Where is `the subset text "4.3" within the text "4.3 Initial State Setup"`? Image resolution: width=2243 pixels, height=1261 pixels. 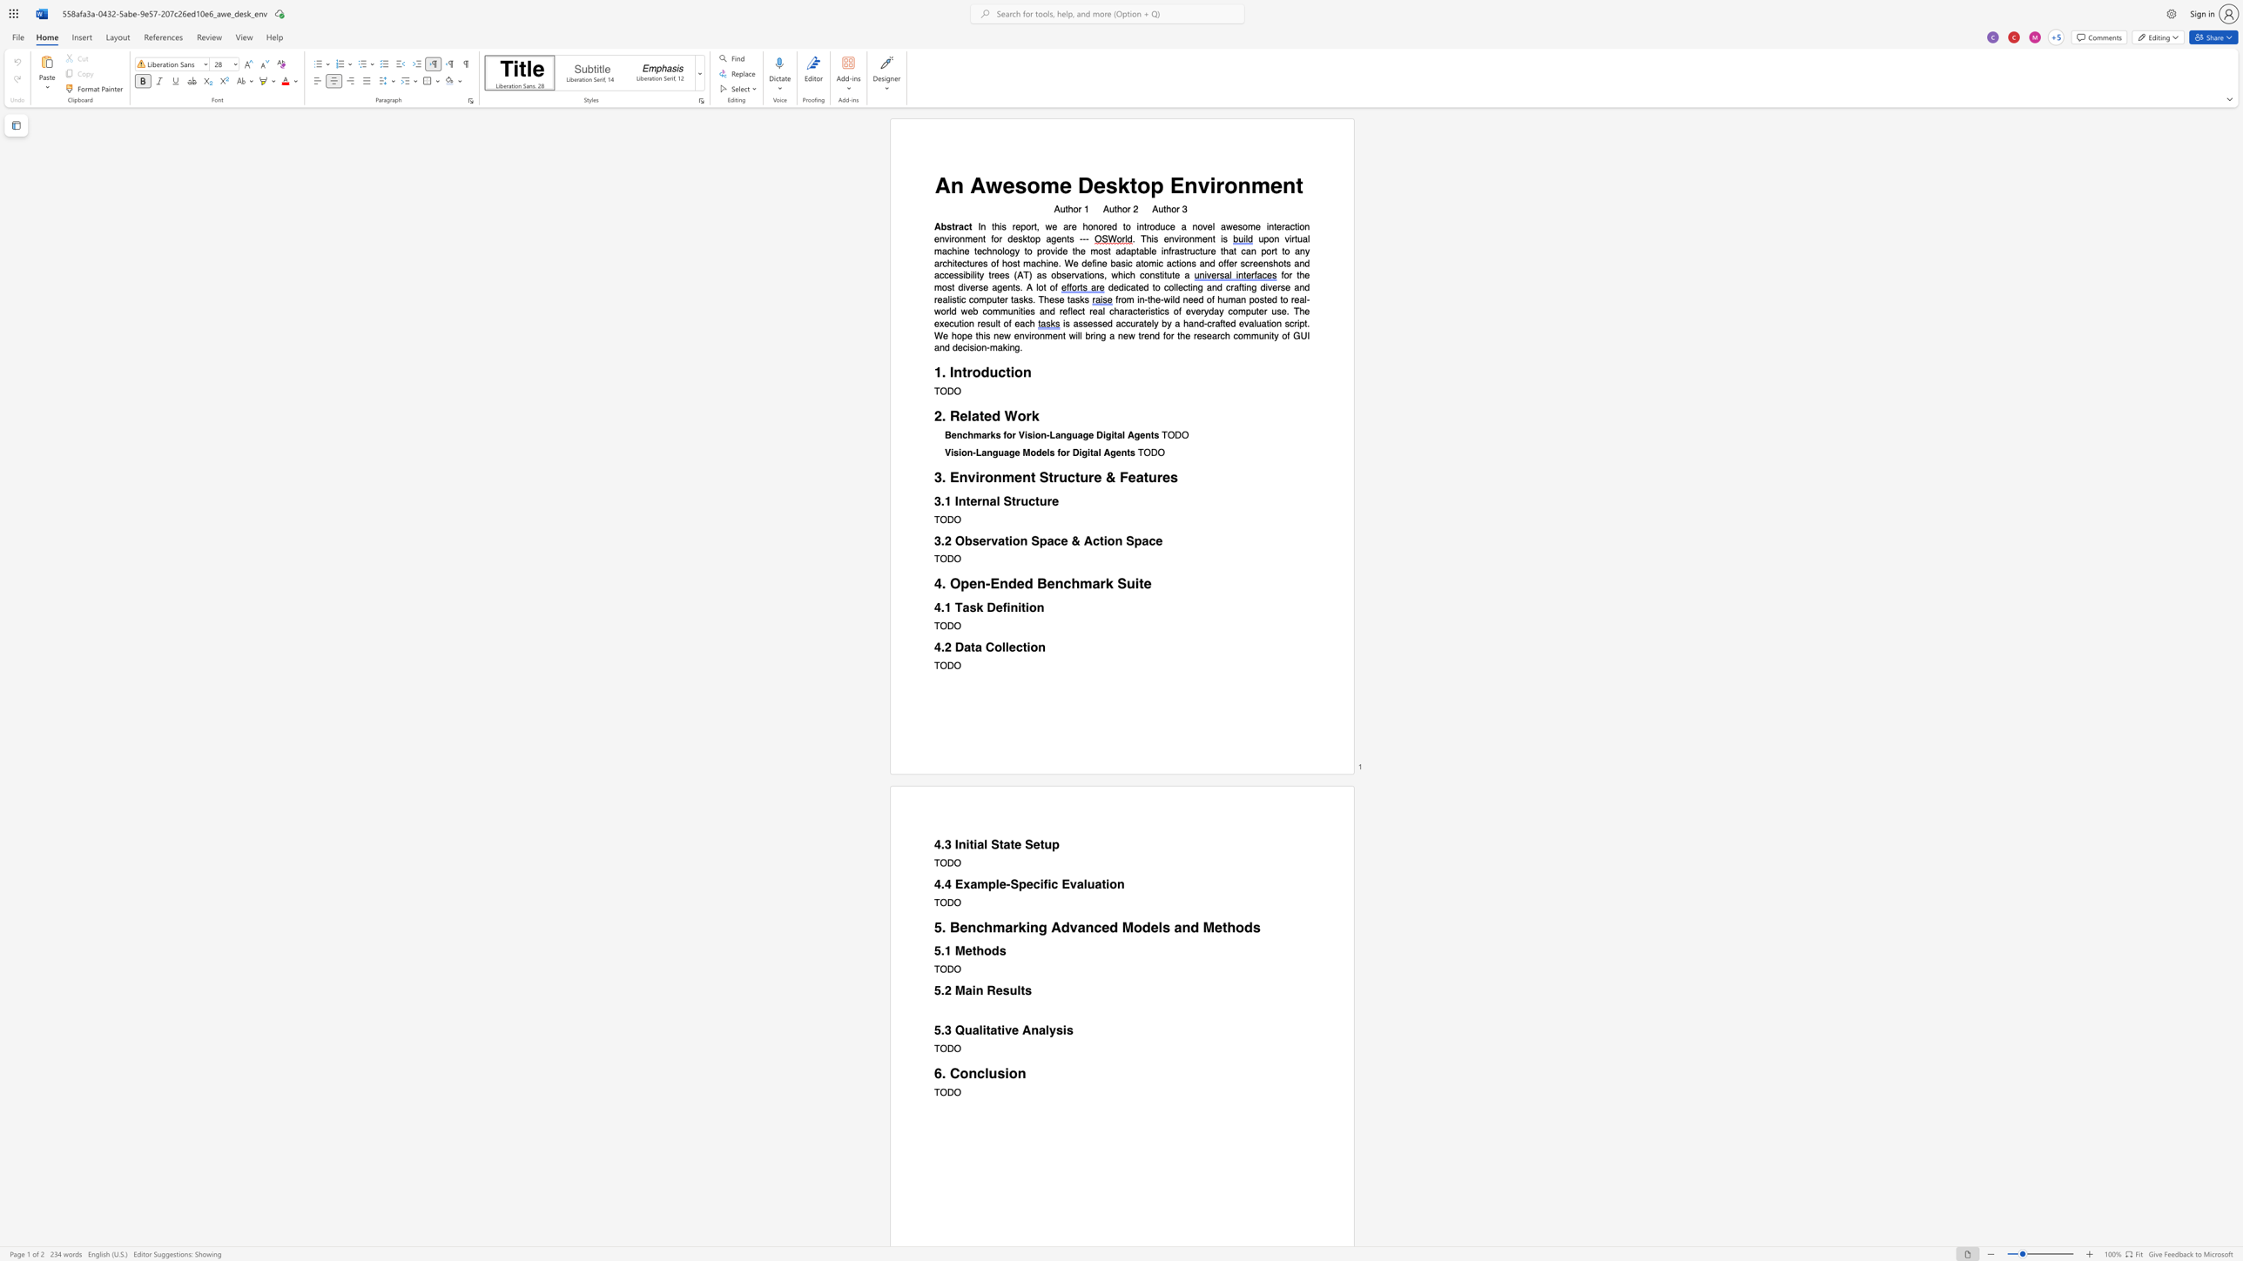 the subset text "4.3" within the text "4.3 Initial State Setup" is located at coordinates (933, 843).